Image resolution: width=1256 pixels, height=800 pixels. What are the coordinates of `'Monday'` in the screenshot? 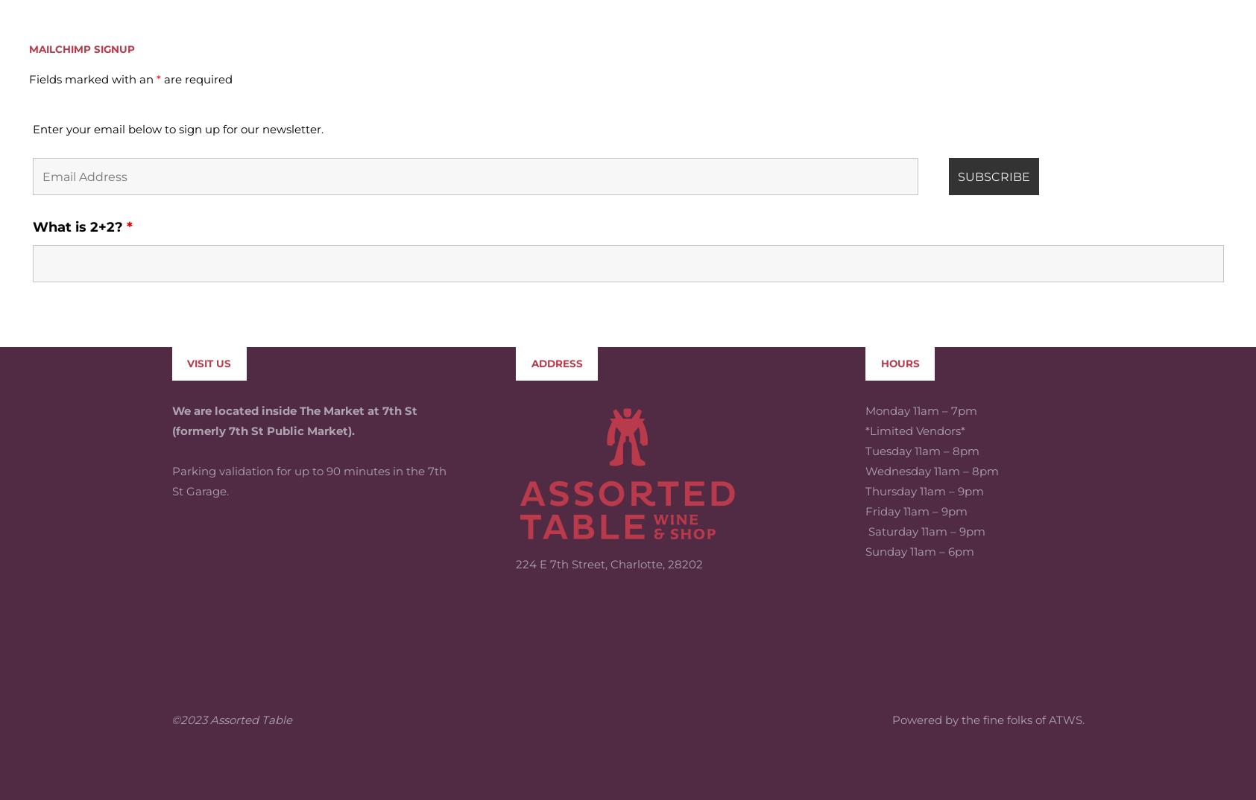 It's located at (887, 302).